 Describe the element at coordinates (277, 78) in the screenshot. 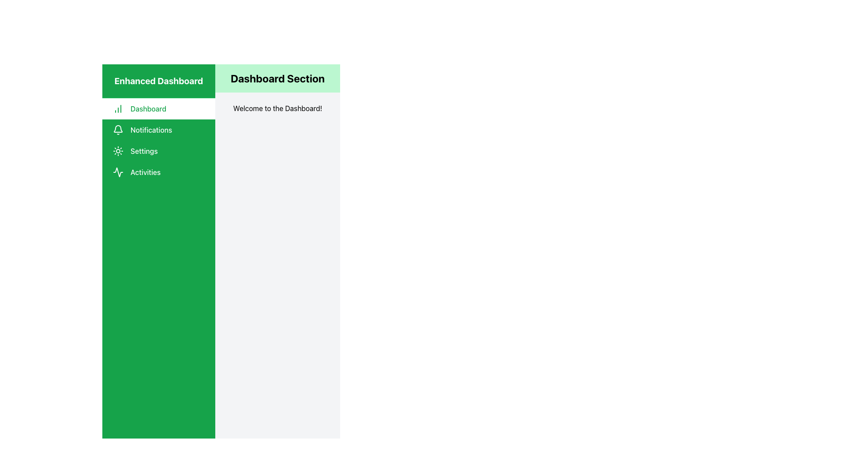

I see `bold, black-colored heading text 'Dashboard Section' displayed in a large font size, which is centrally located below the 'Enhanced Dashboard' title on a light green background` at that location.